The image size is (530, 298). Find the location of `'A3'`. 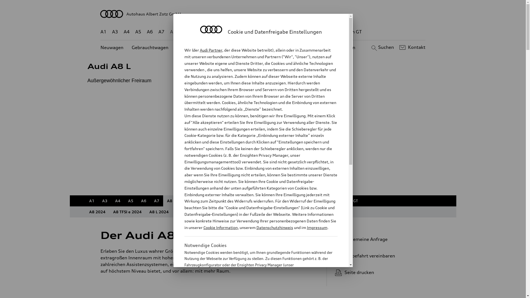

'A3' is located at coordinates (105, 201).